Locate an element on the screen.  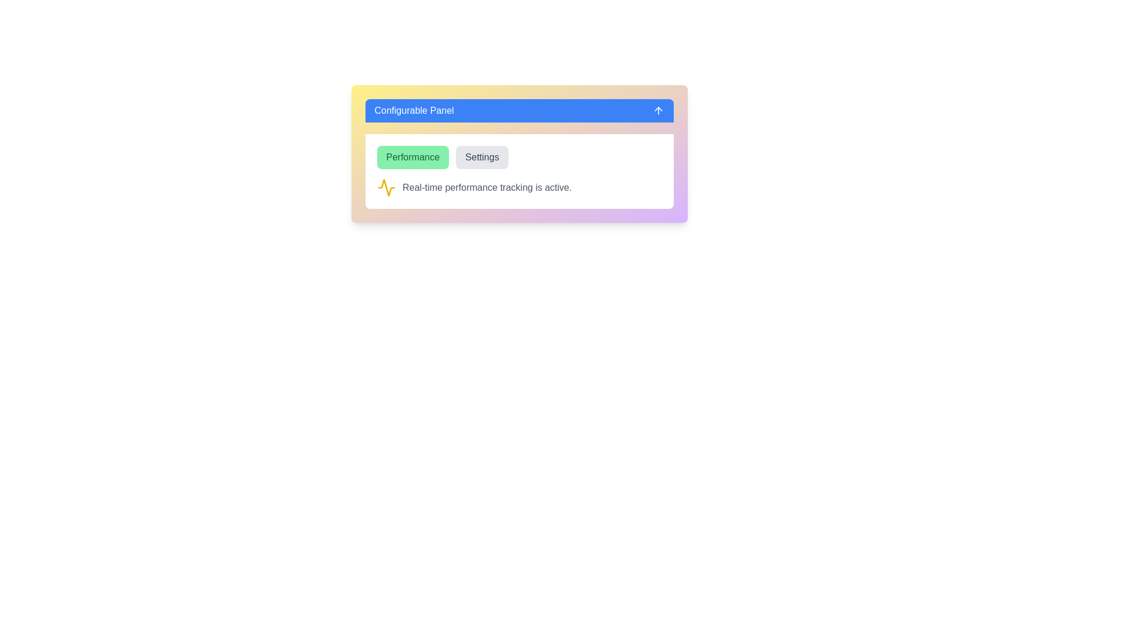
the small, stylized yellow icon resembling a zigzag waveform located below the 'Performance' button is located at coordinates (386, 187).